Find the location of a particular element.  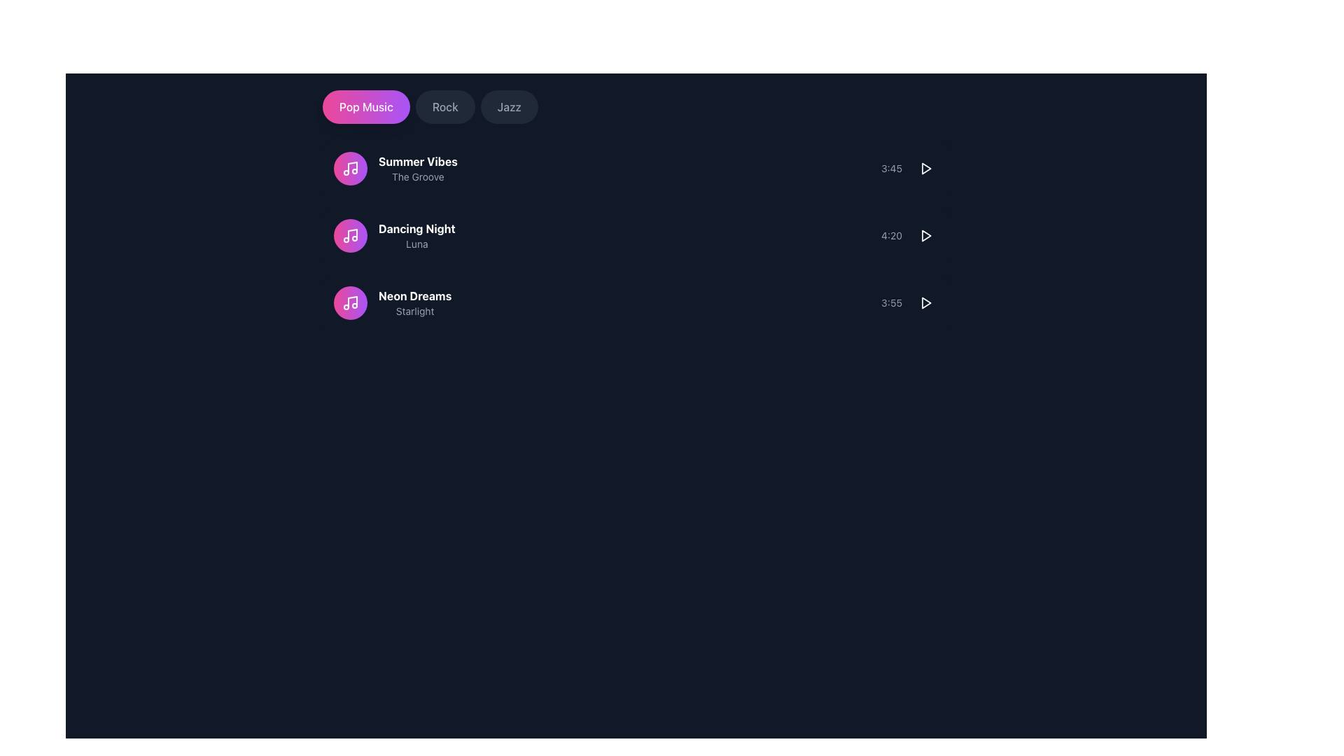

the 'Jazz' button, which is a dark gray rectangular button with rounded edges containing light gray text is located at coordinates (508, 106).